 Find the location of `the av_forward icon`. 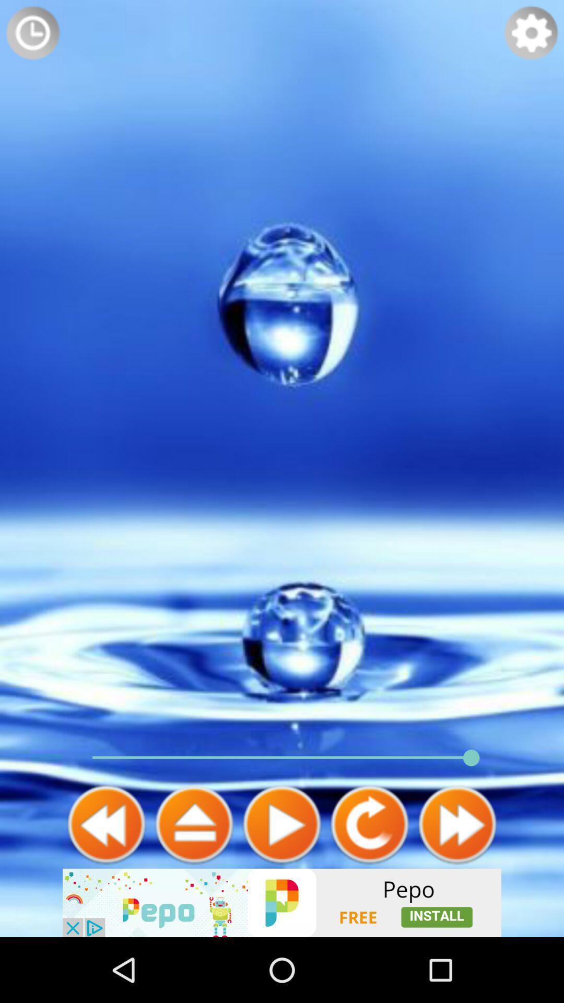

the av_forward icon is located at coordinates (456, 882).